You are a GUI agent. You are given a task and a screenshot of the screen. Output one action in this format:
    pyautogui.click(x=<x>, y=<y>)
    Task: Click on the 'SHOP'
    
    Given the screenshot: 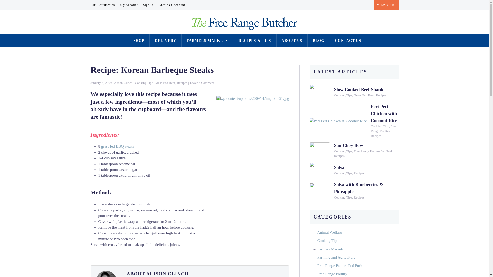 What is the action you would take?
    pyautogui.click(x=133, y=40)
    